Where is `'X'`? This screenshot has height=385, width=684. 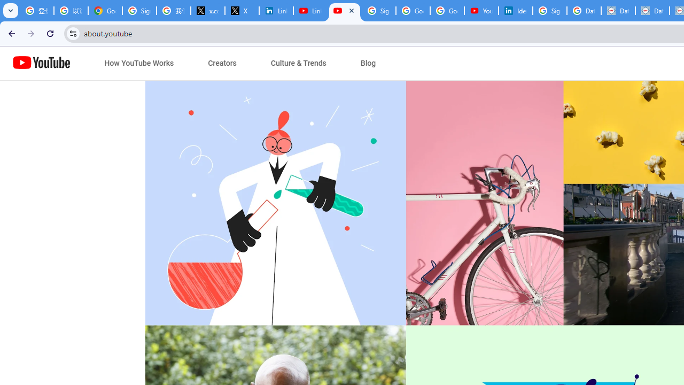
'X' is located at coordinates (242, 11).